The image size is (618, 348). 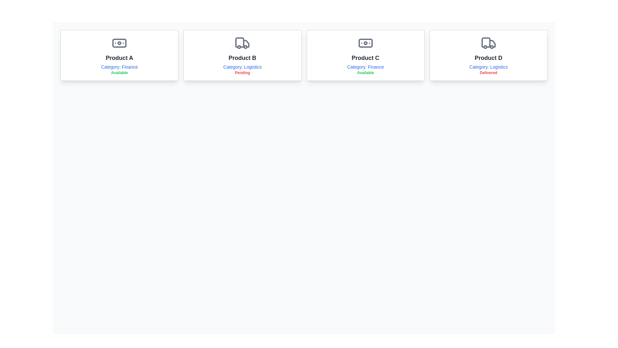 What do you see at coordinates (119, 55) in the screenshot?
I see `the 'Product A' card component located at the leftmost position in the grid layout` at bounding box center [119, 55].